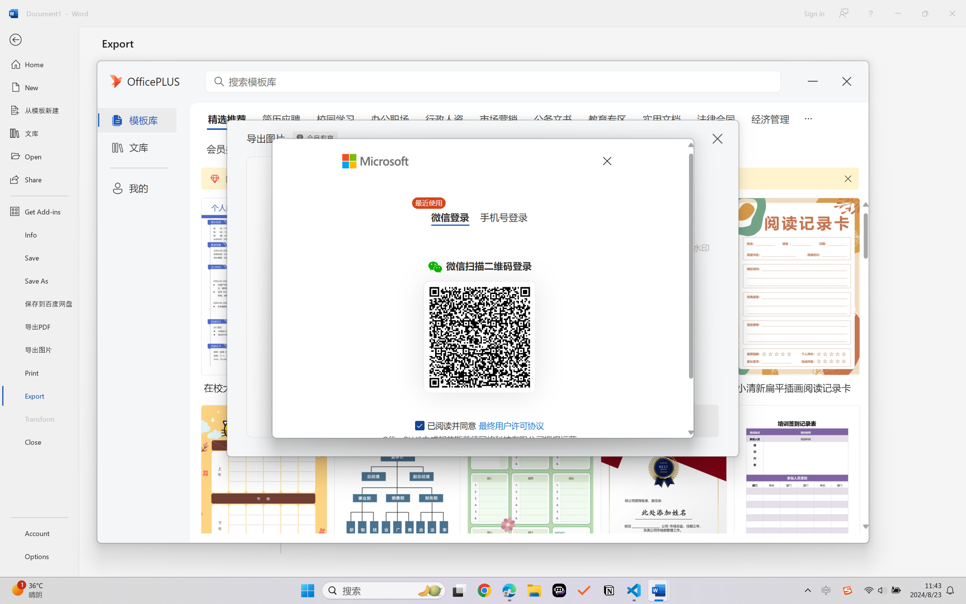 This screenshot has height=604, width=966. I want to click on 'Print', so click(39, 373).